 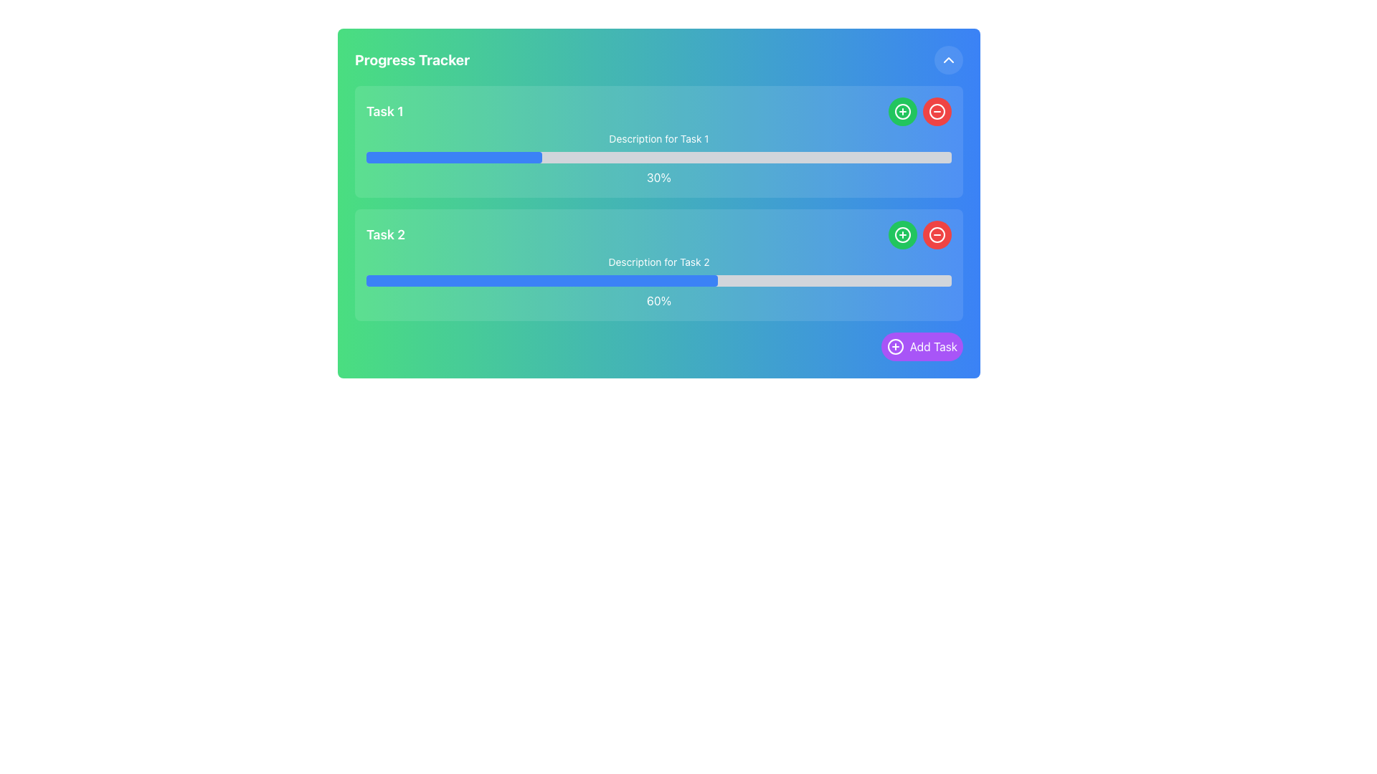 What do you see at coordinates (919, 110) in the screenshot?
I see `the red button on the right side of the row associated with 'Task 1' in the 'Progress Tracker' component` at bounding box center [919, 110].